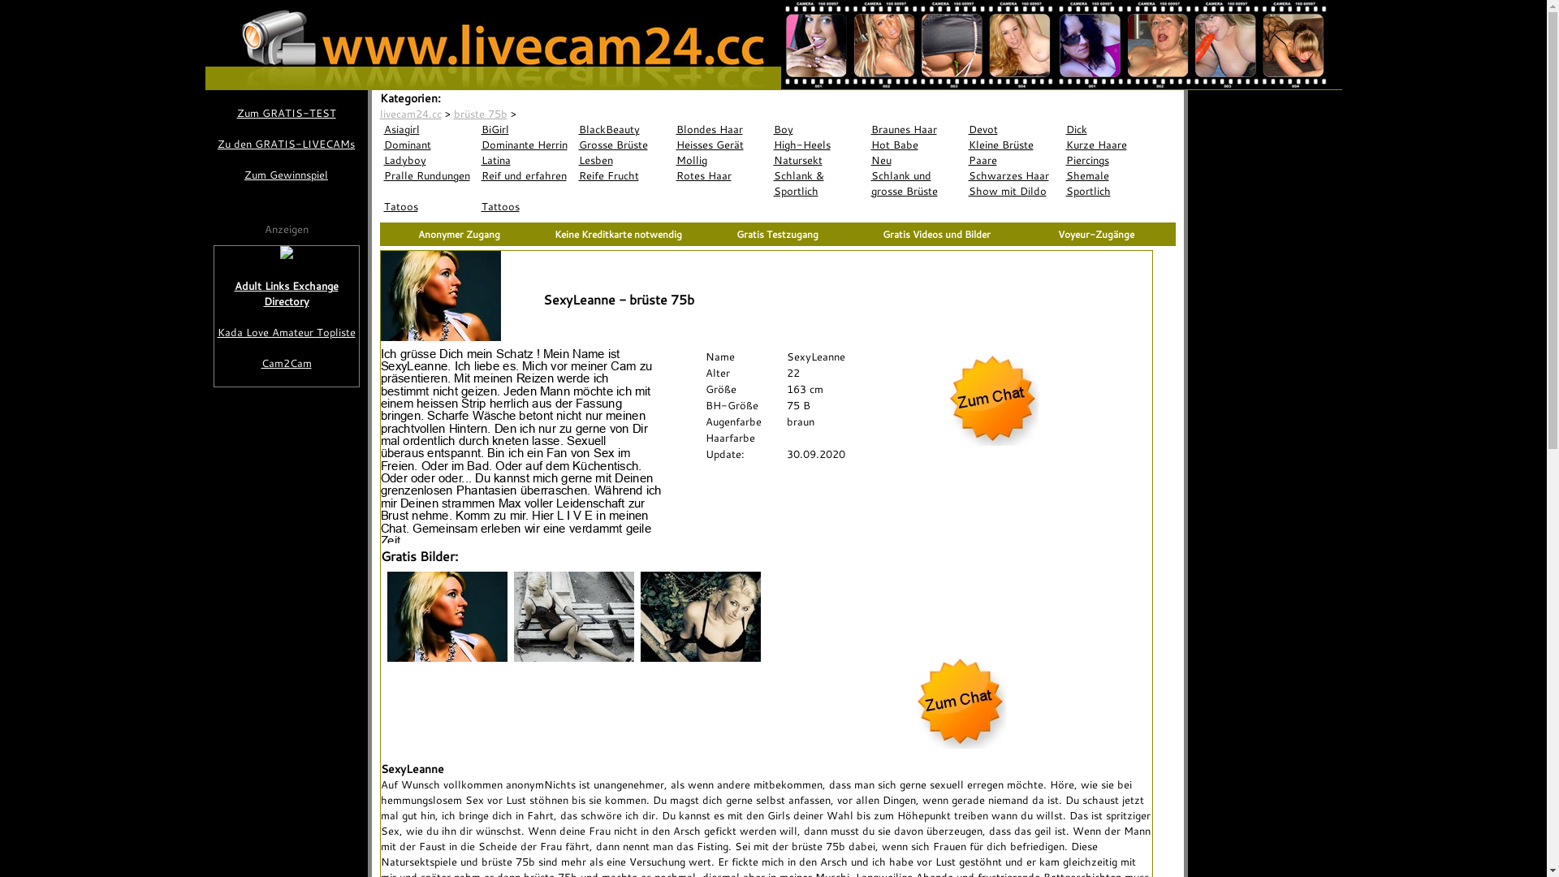 This screenshot has width=1559, height=877. What do you see at coordinates (720, 128) in the screenshot?
I see `'Blondes Haar'` at bounding box center [720, 128].